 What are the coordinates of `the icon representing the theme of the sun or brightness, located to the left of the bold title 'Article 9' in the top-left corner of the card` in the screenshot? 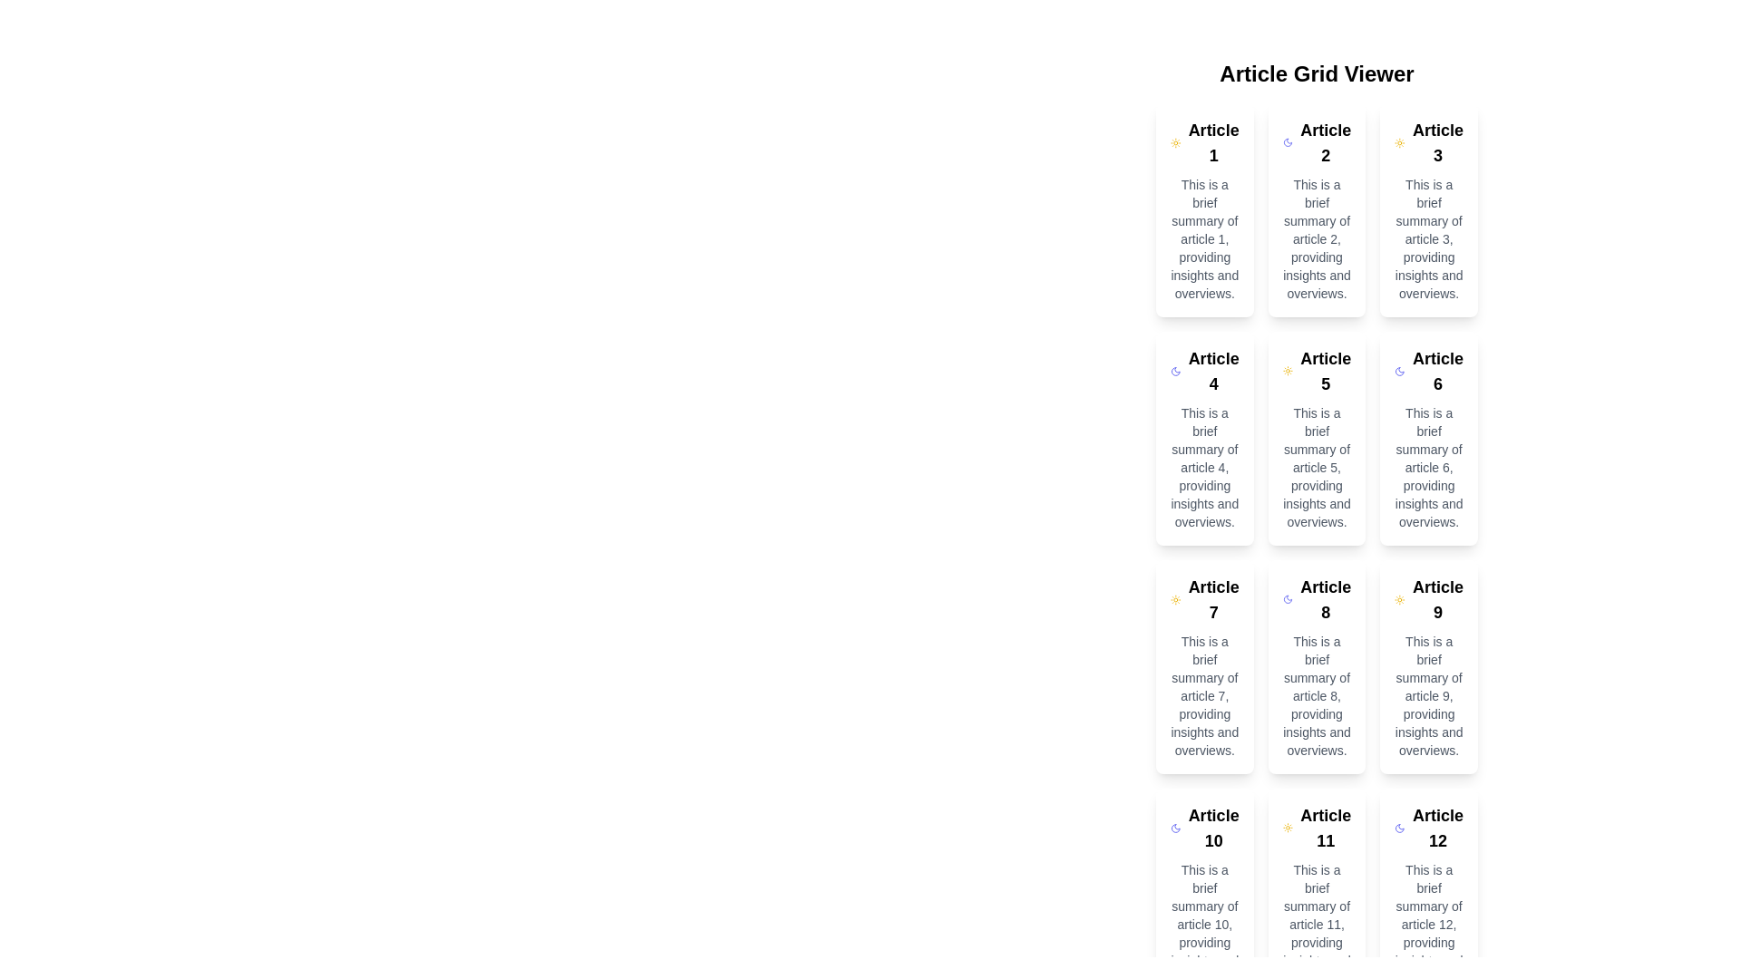 It's located at (1399, 600).